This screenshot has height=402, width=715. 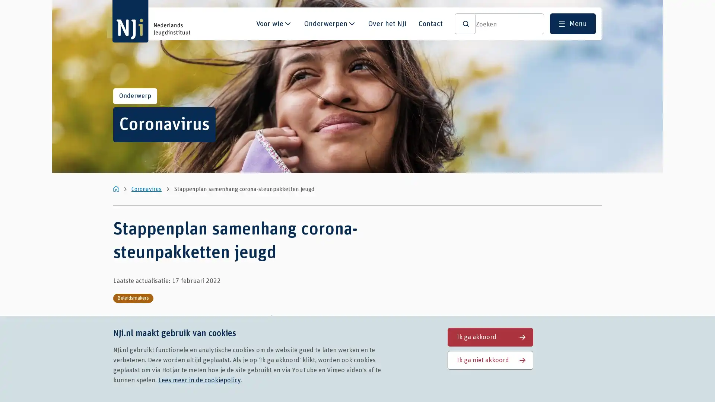 I want to click on Menu, so click(x=572, y=23).